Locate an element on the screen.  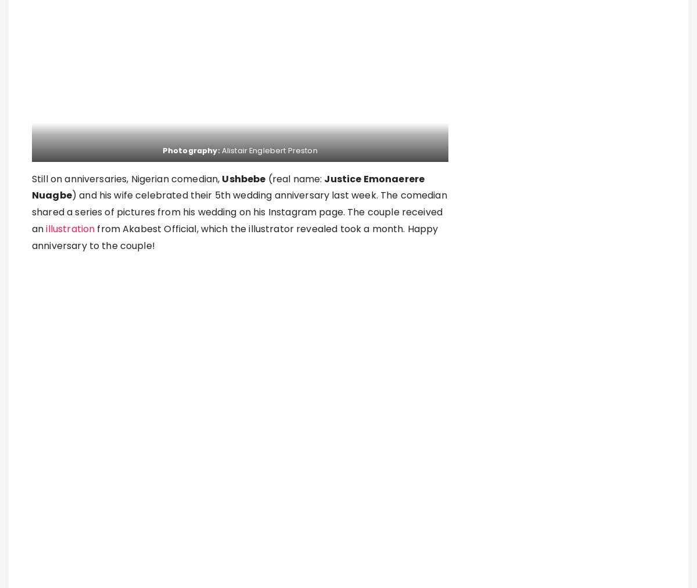
'illustration' is located at coordinates (71, 229).